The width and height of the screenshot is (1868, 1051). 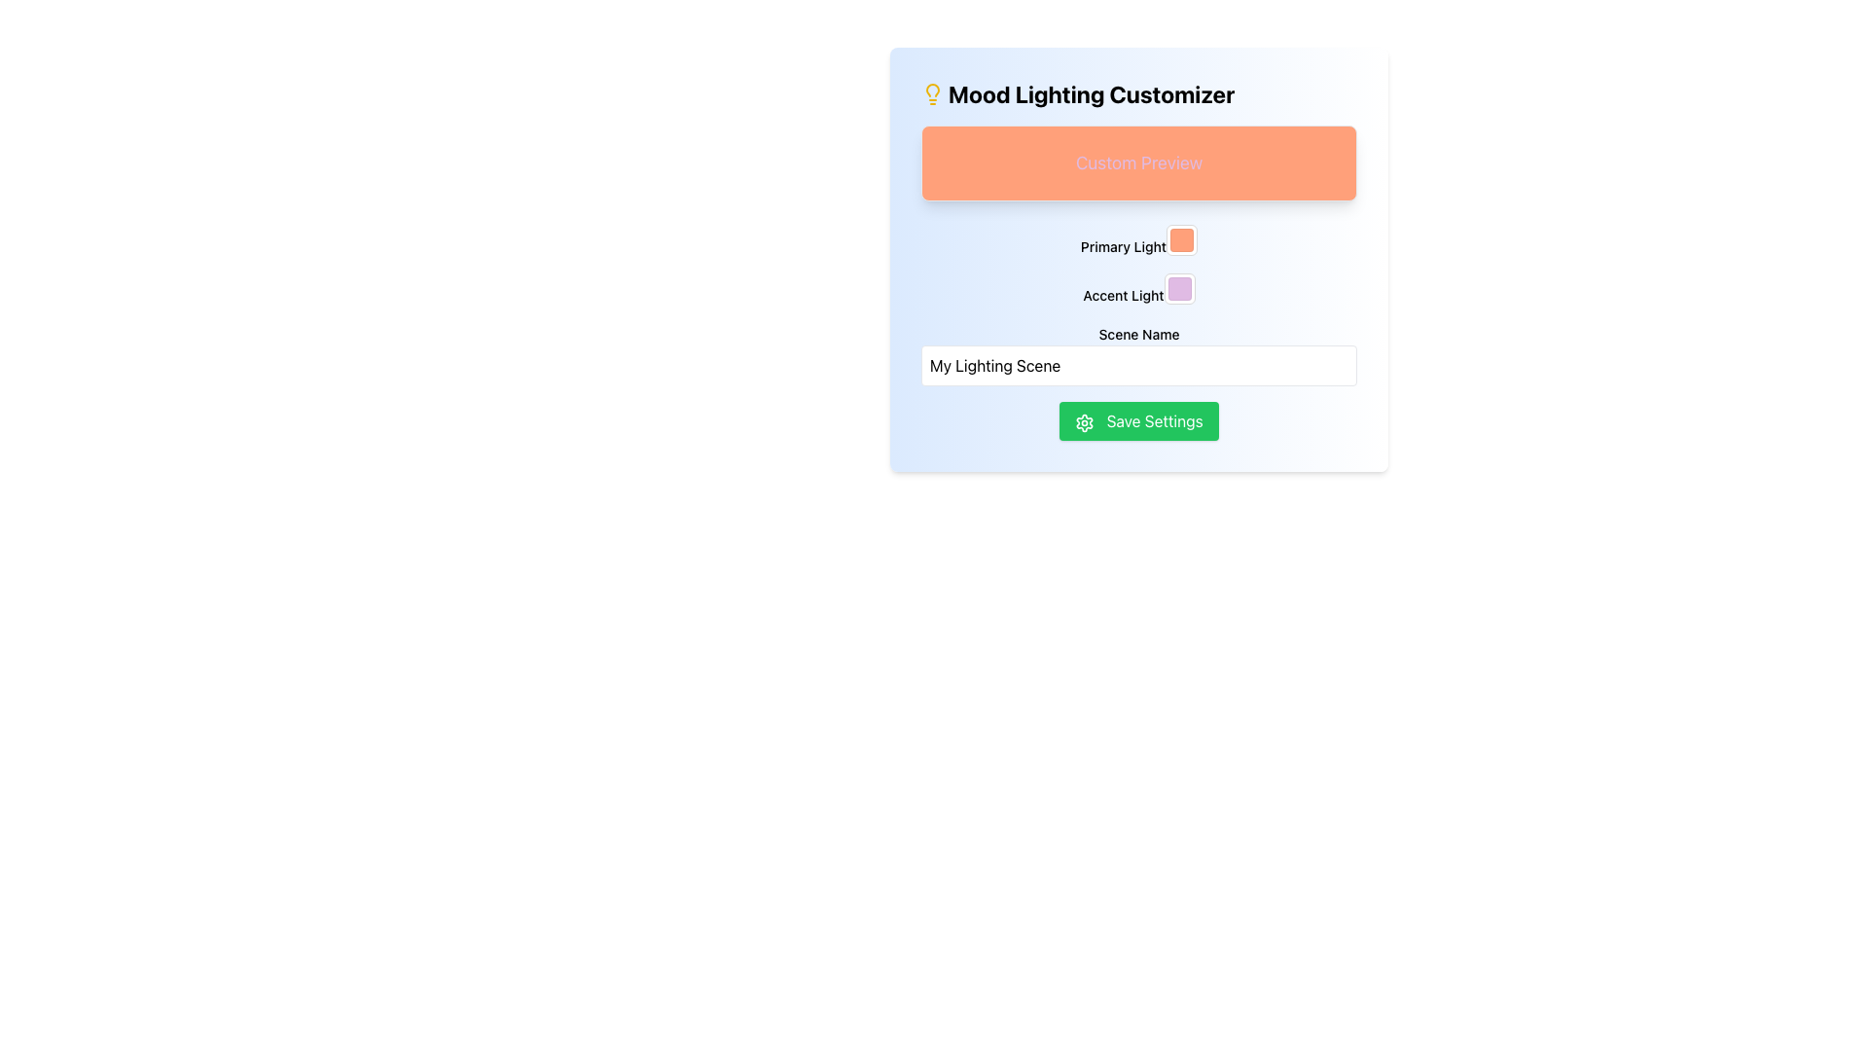 I want to click on the Color Picker Trigger Button, so click(x=1178, y=289).